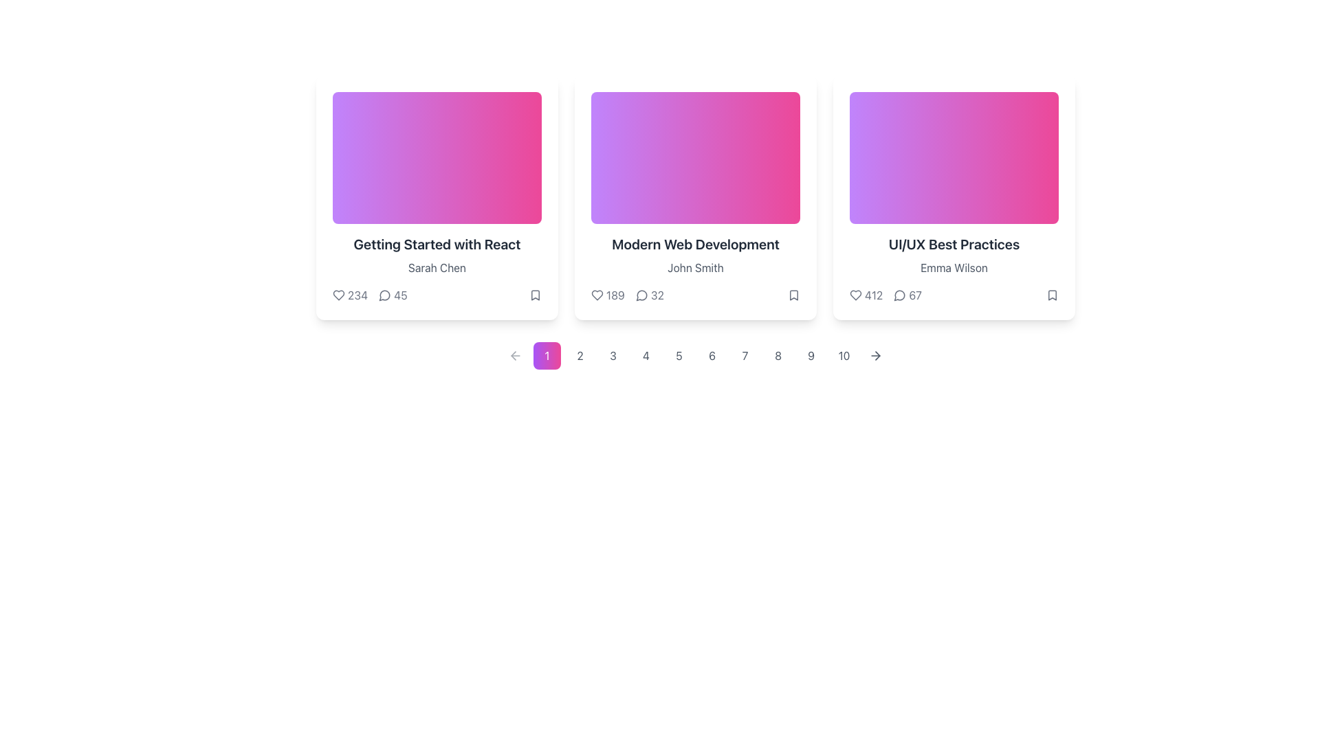 The height and width of the screenshot is (742, 1320). Describe the element at coordinates (874, 355) in the screenshot. I see `the circular button with a rightward-pointing gray arrow icon, located at the end of the pagination control bar` at that location.